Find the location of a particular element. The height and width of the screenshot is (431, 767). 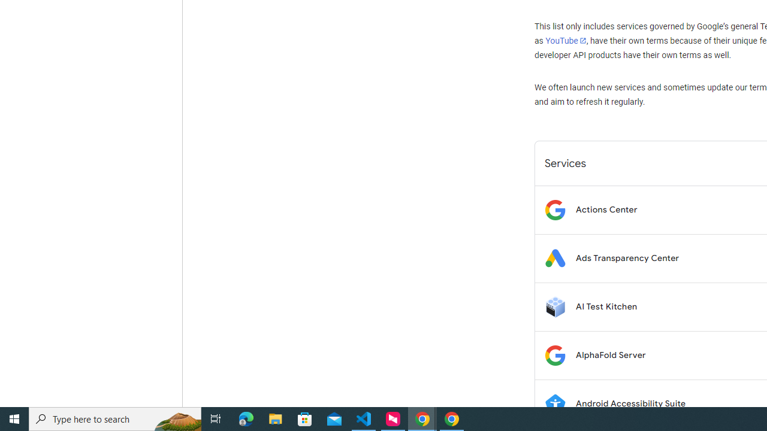

'YouTube' is located at coordinates (565, 40).